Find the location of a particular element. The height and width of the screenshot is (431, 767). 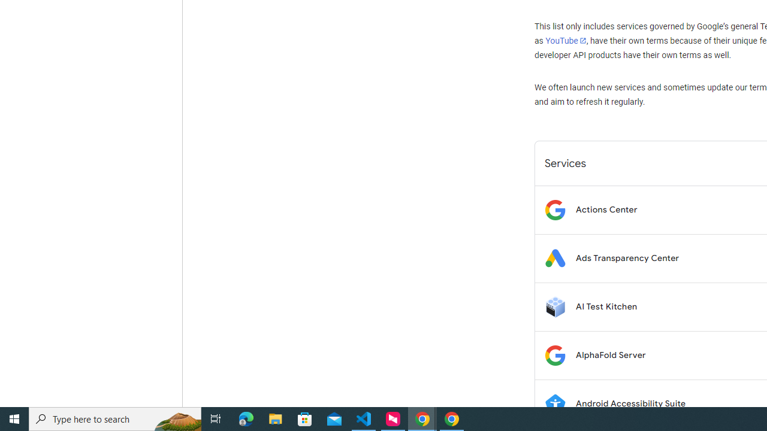

'YouTube' is located at coordinates (565, 40).